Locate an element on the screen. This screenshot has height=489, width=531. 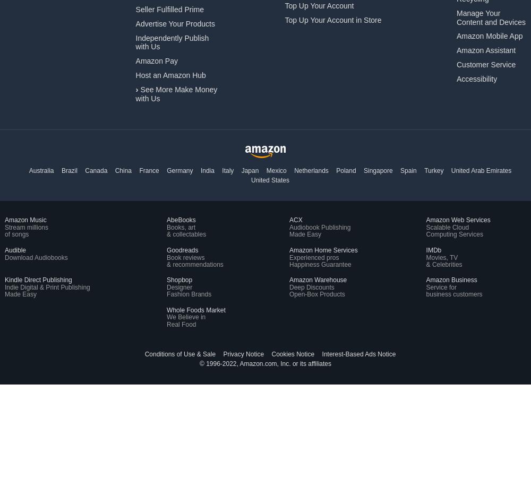
'ACX' is located at coordinates (296, 219).